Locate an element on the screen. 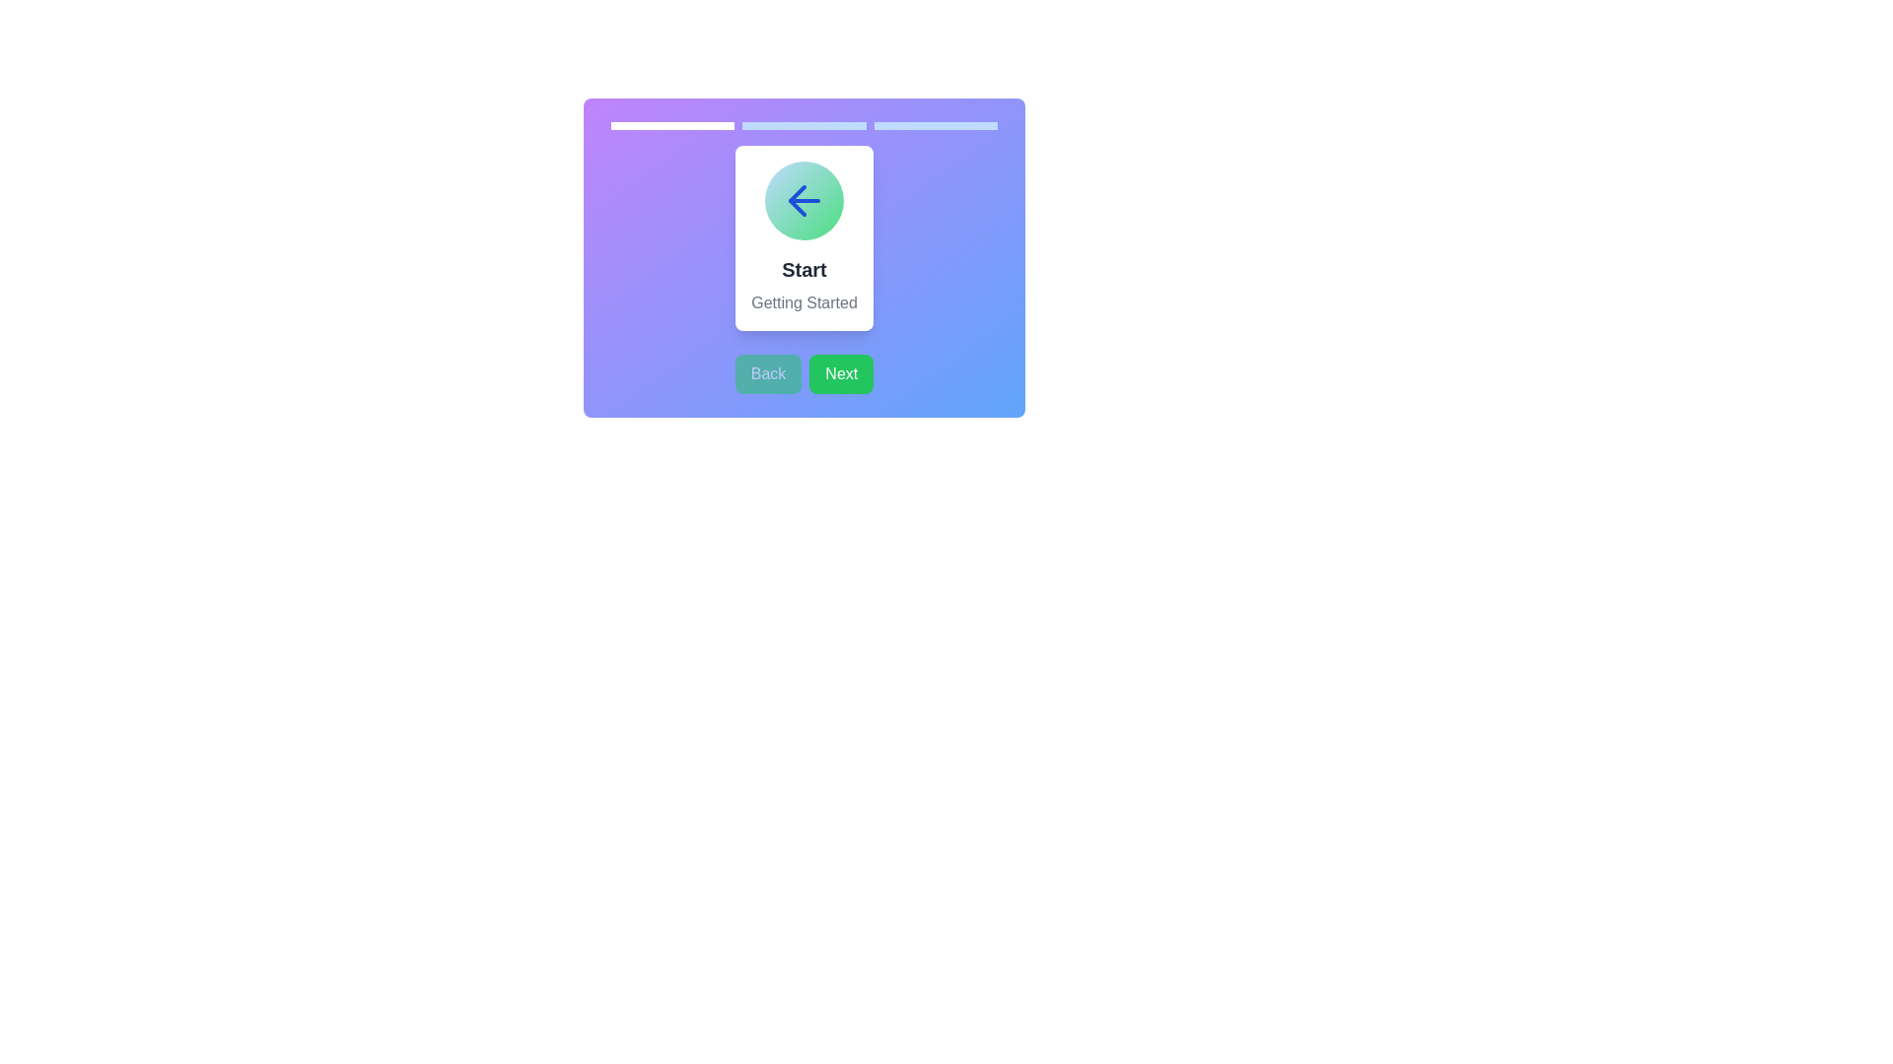 The image size is (1893, 1064). the graphical icon of the current step to inspect it is located at coordinates (805, 201).